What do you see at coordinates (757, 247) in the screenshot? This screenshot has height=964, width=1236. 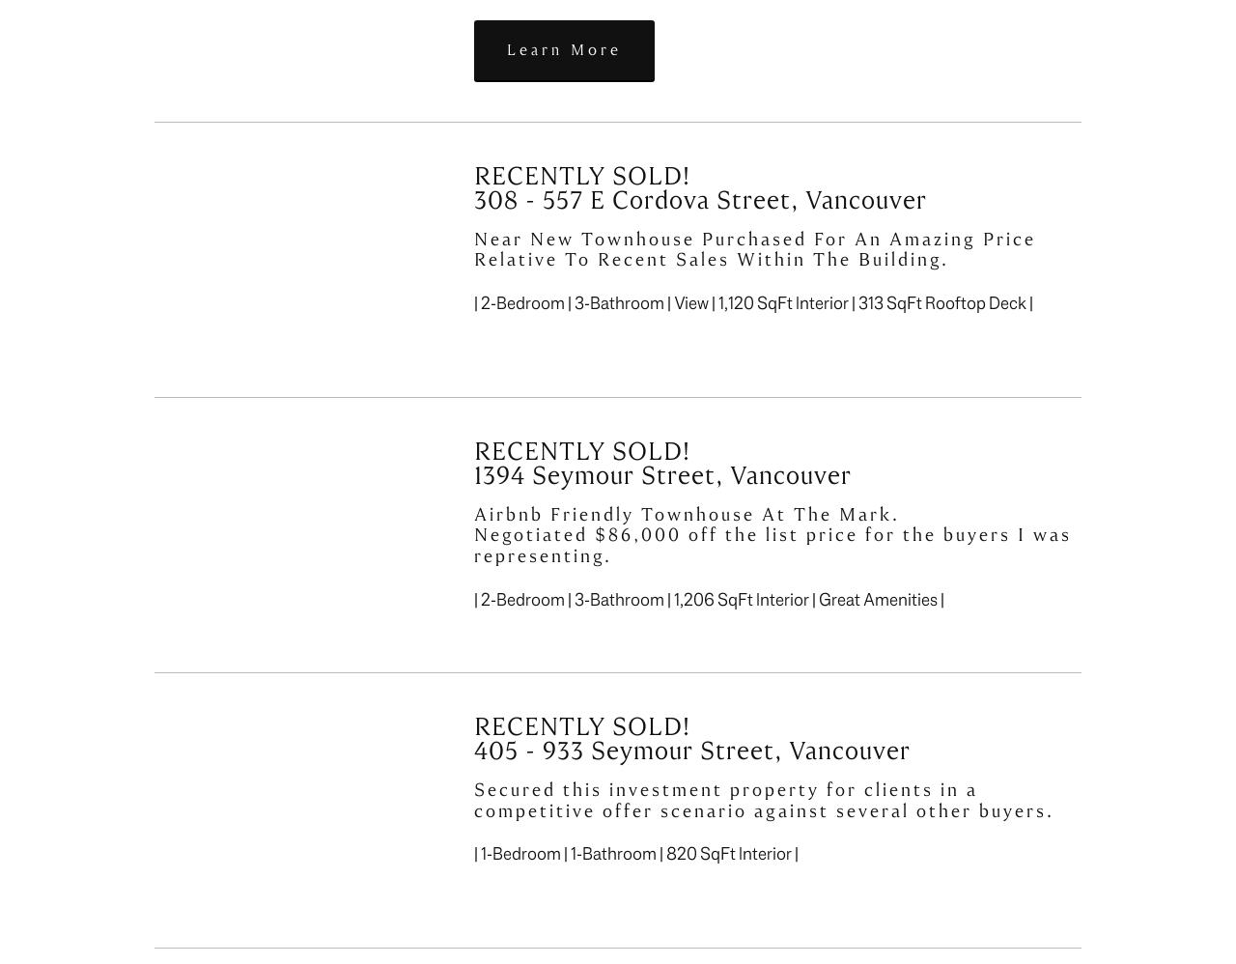 I see `'Near New Townhouse Purchased For An Amazing Price Relative To Recent Sales Within The Building.'` at bounding box center [757, 247].